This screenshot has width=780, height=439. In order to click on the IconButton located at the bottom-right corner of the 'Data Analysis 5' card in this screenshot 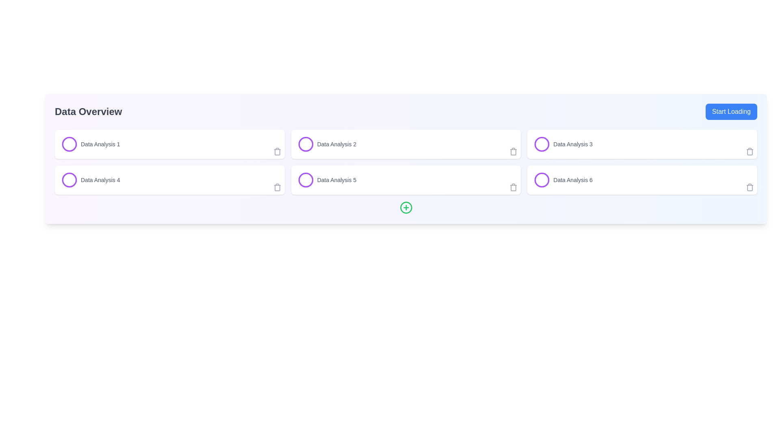, I will do `click(513, 187)`.